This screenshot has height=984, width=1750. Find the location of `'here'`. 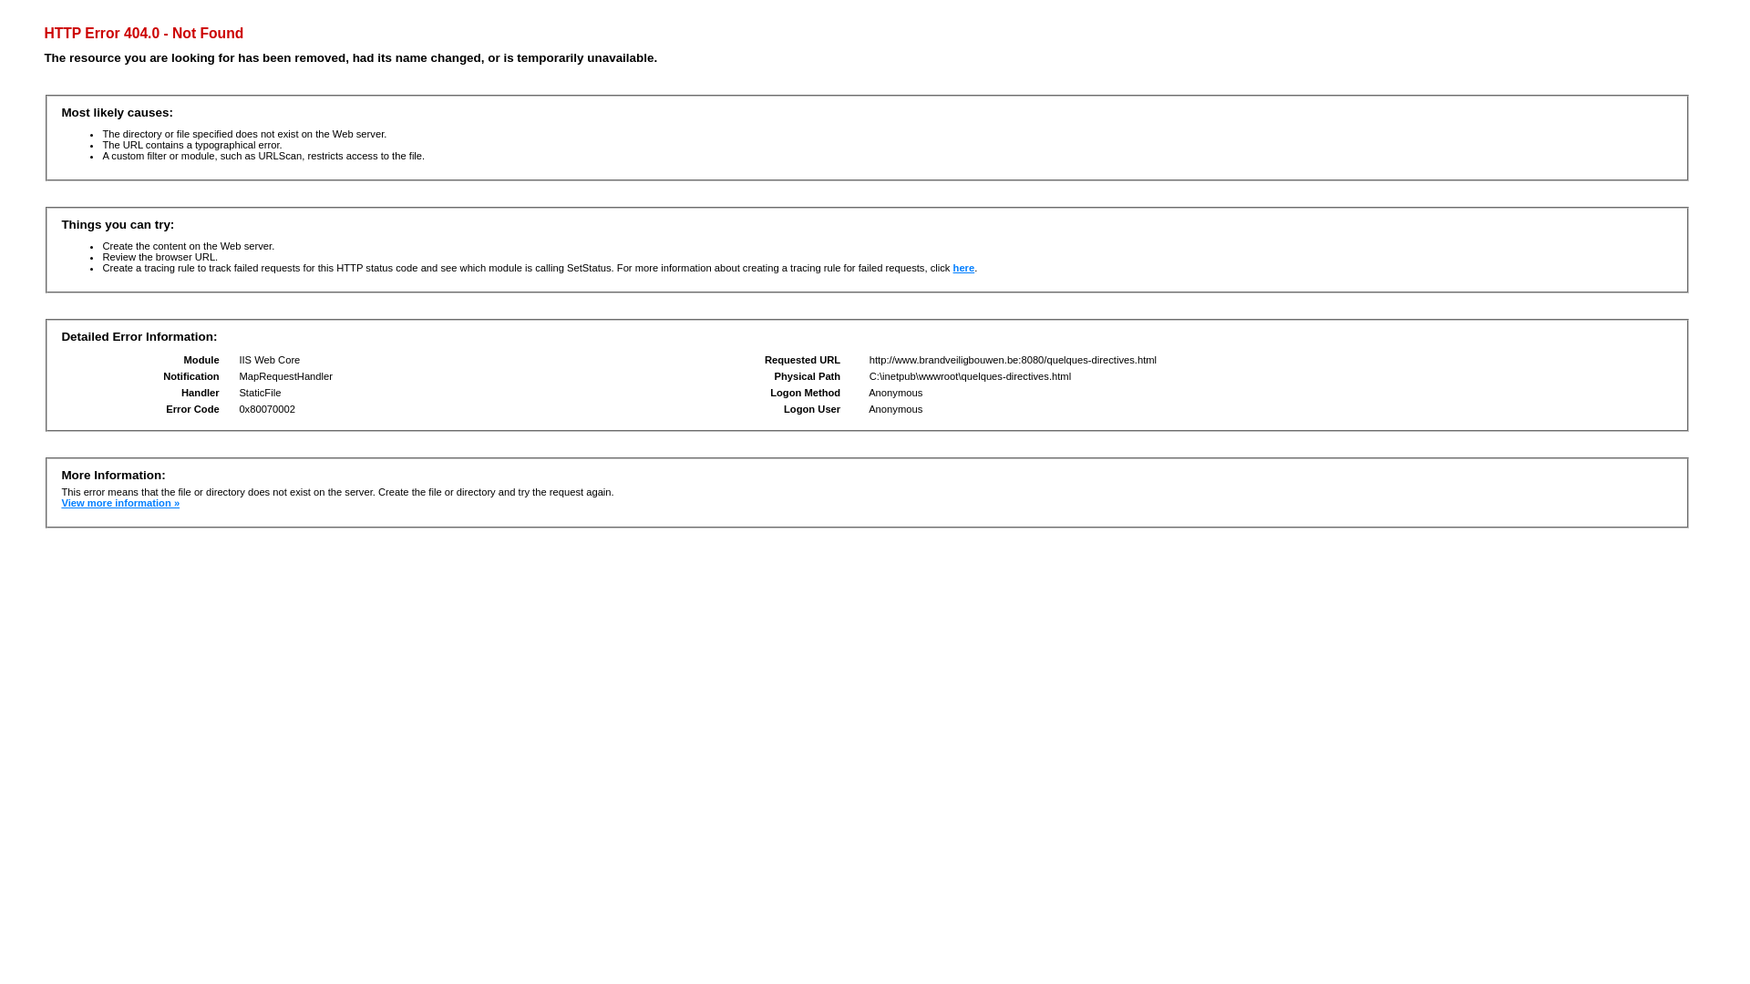

'here' is located at coordinates (962, 267).